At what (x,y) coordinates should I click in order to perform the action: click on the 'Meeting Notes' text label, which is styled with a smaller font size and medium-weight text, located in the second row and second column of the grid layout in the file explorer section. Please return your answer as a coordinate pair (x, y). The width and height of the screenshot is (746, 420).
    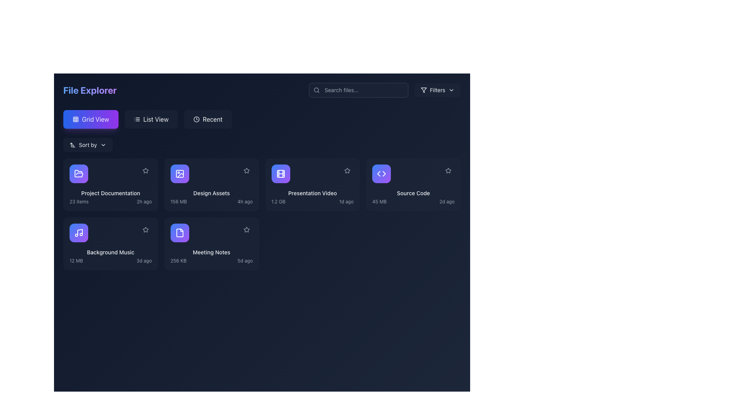
    Looking at the image, I should click on (211, 252).